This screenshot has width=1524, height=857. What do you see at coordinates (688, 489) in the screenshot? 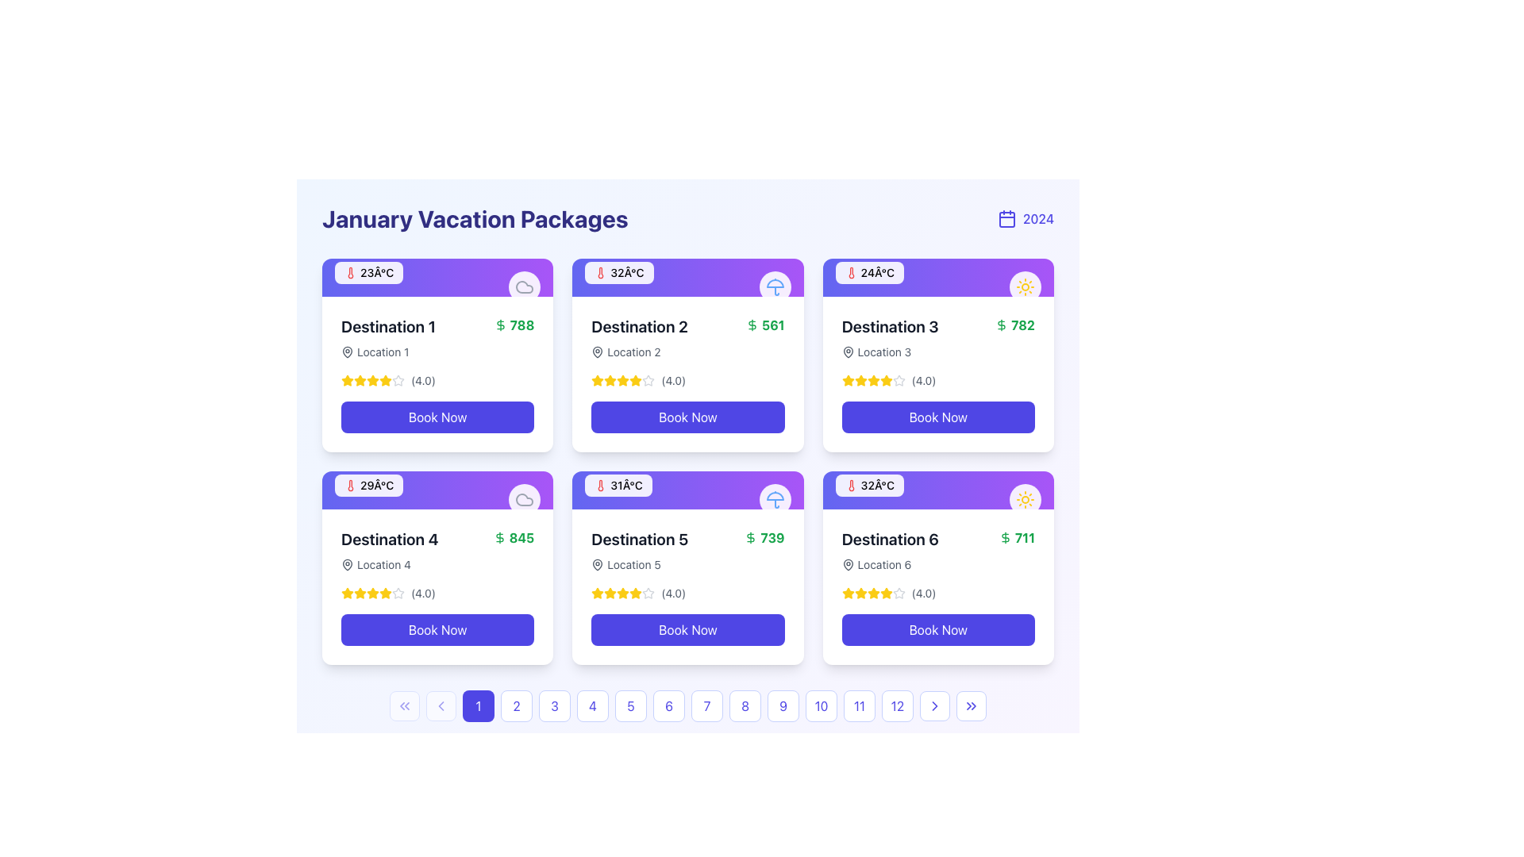
I see `the Information card header displaying '31°C' with a red thermometer icon on the left and a circular blue umbrella icon on the right, located in the 'Destination 5' card` at bounding box center [688, 489].